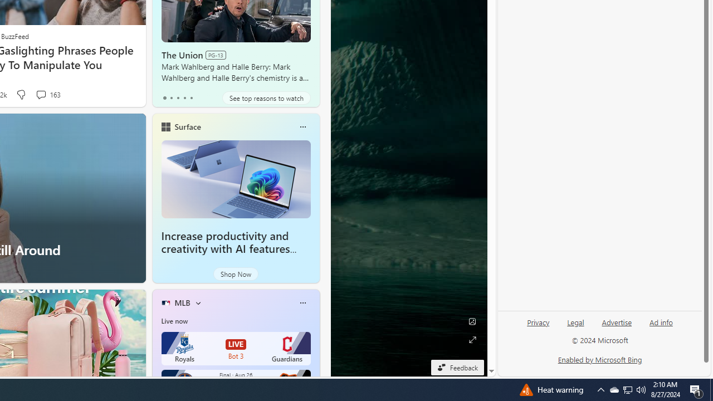  What do you see at coordinates (182, 302) in the screenshot?
I see `'MLB'` at bounding box center [182, 302].